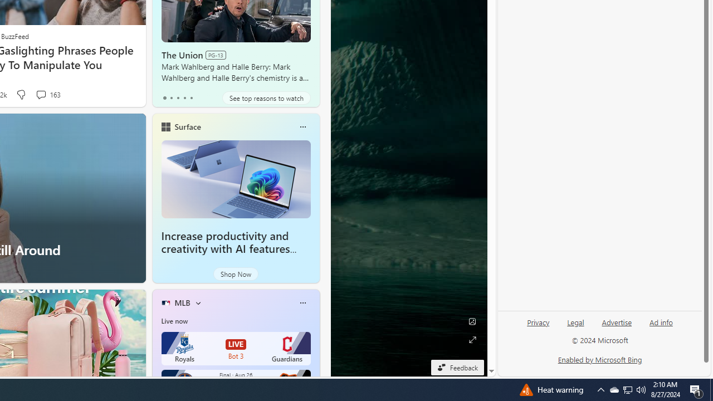  What do you see at coordinates (182, 302) in the screenshot?
I see `'MLB'` at bounding box center [182, 302].